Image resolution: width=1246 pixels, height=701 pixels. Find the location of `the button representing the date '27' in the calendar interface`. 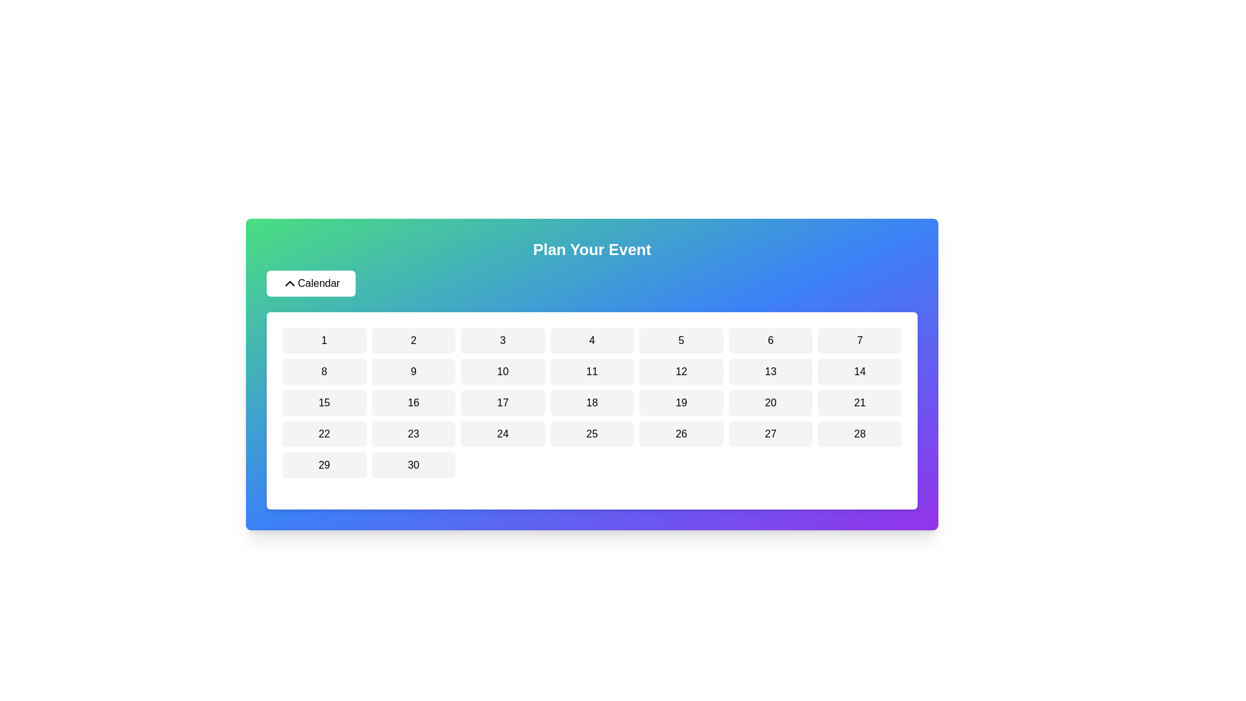

the button representing the date '27' in the calendar interface is located at coordinates (770, 434).